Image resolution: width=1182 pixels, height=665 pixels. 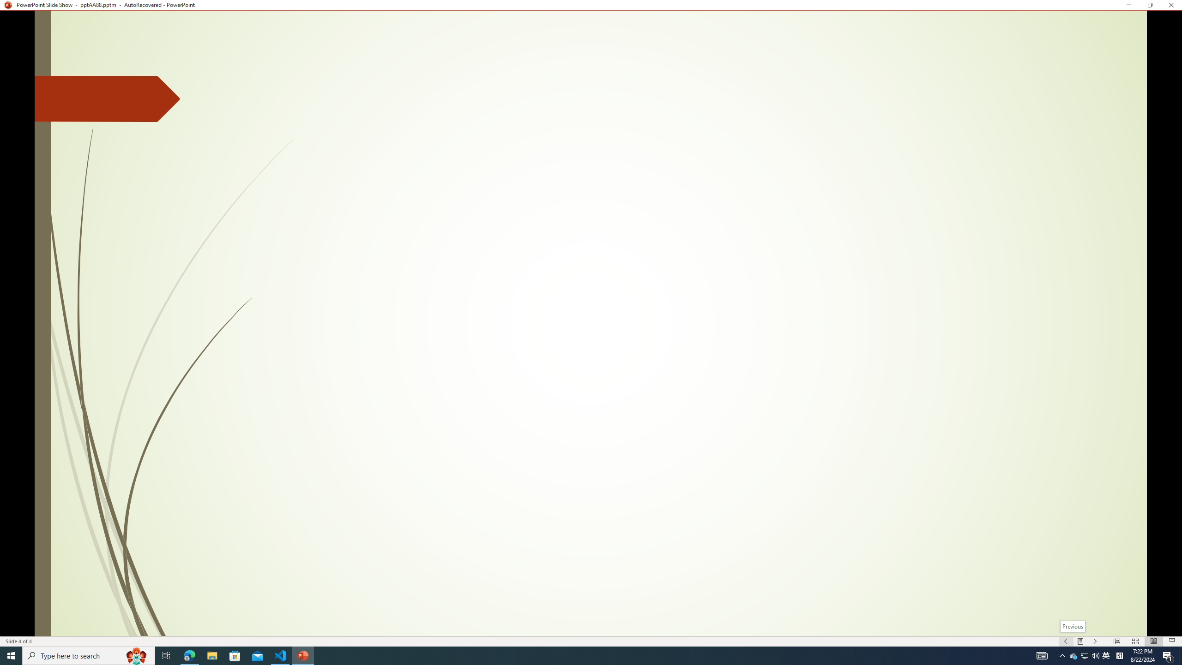 What do you see at coordinates (1095, 641) in the screenshot?
I see `'Slide Show Next On'` at bounding box center [1095, 641].